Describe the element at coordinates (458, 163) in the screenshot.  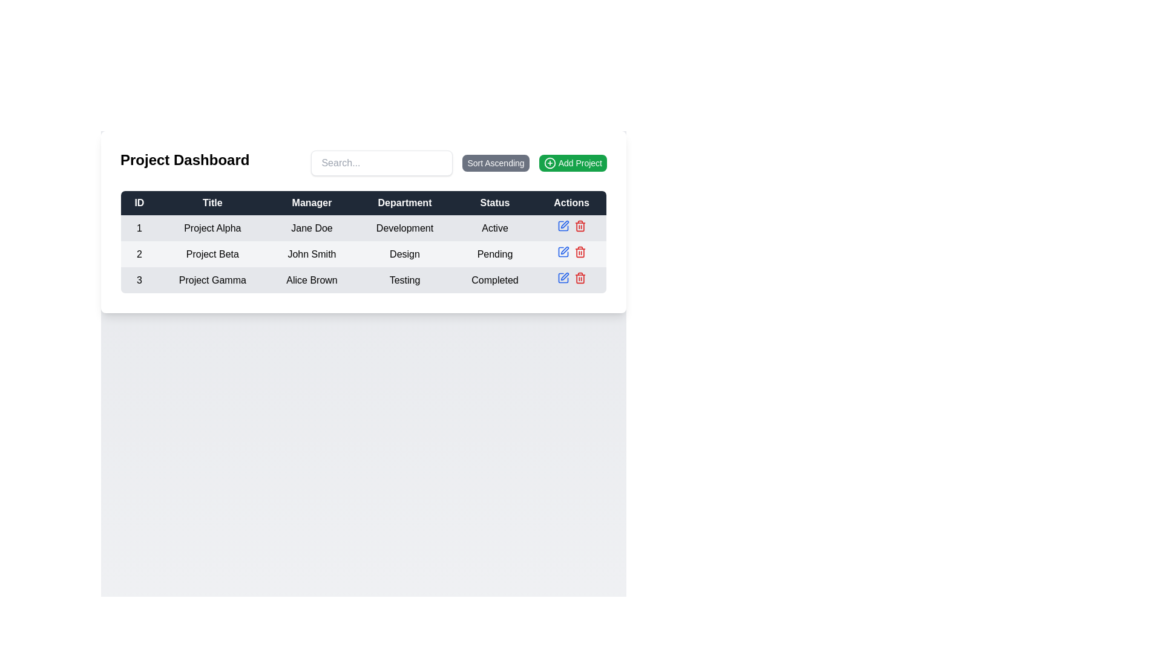
I see `the 'Sort Ascending' button to trigger its hover effect, which is gray with white text and has rounded corners, located in the top-right section of the interface` at that location.